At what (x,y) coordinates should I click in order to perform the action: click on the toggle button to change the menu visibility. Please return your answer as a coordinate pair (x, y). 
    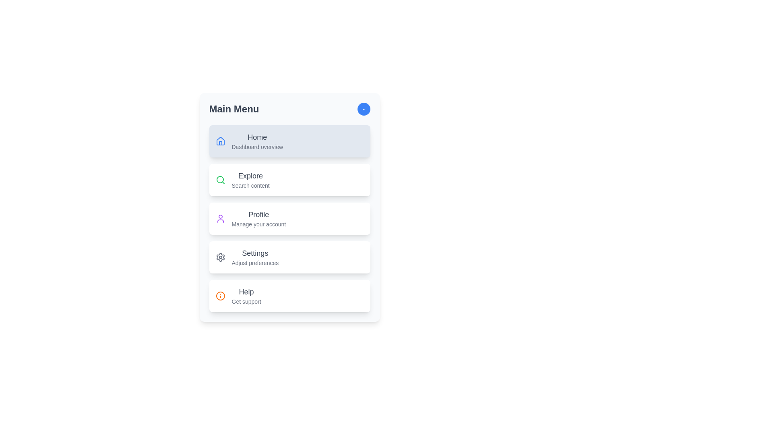
    Looking at the image, I should click on (363, 109).